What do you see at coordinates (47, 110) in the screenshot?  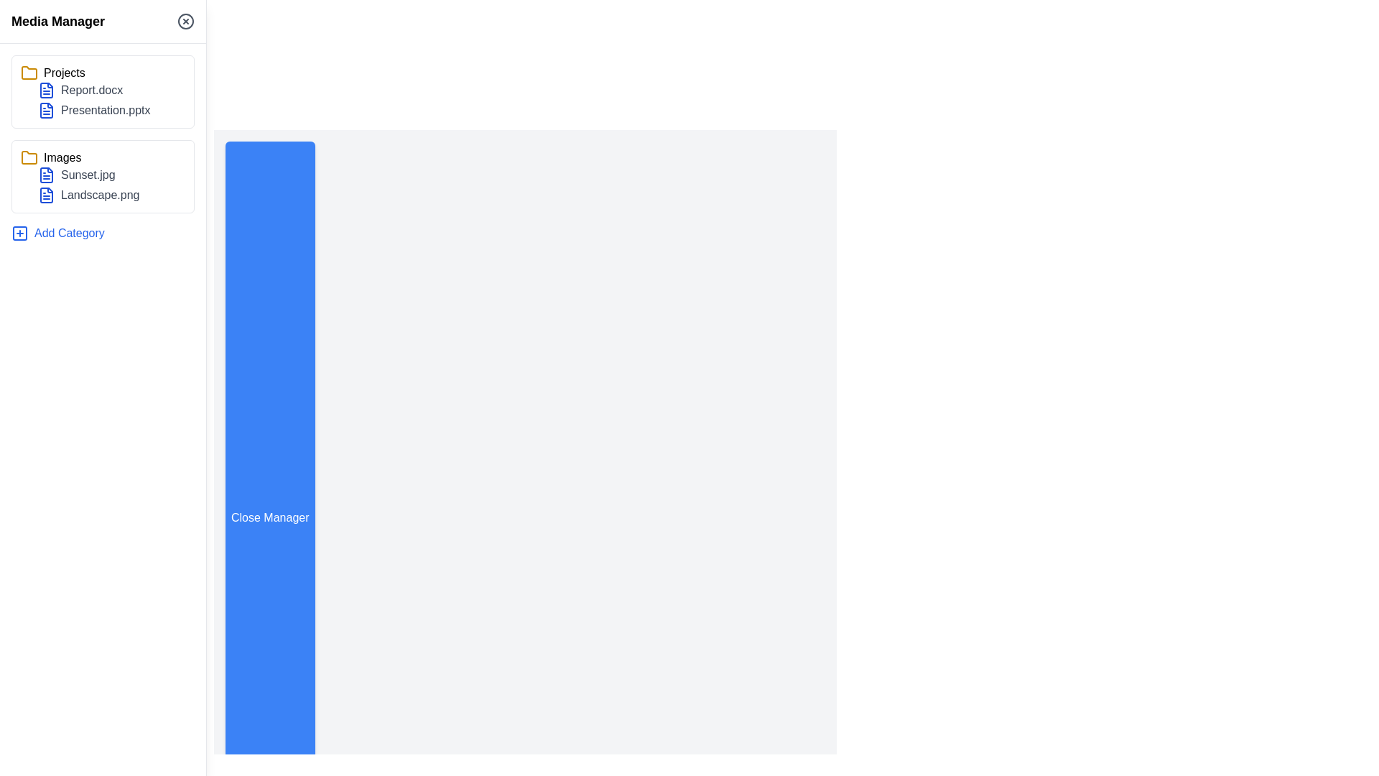 I see `the document icon in the left-side media manager to interact with the document it represents` at bounding box center [47, 110].